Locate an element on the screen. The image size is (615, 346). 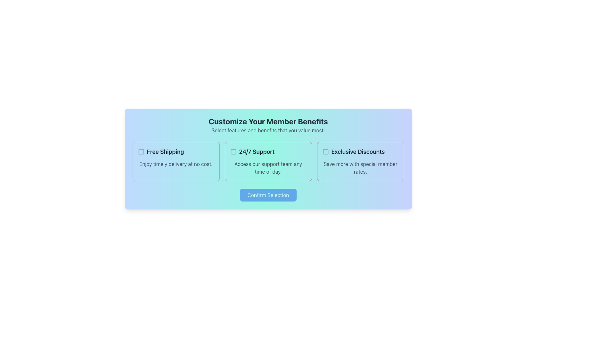
the leftmost card in the grid layout that displays the option for selecting 'Free Shipping' is located at coordinates (176, 161).